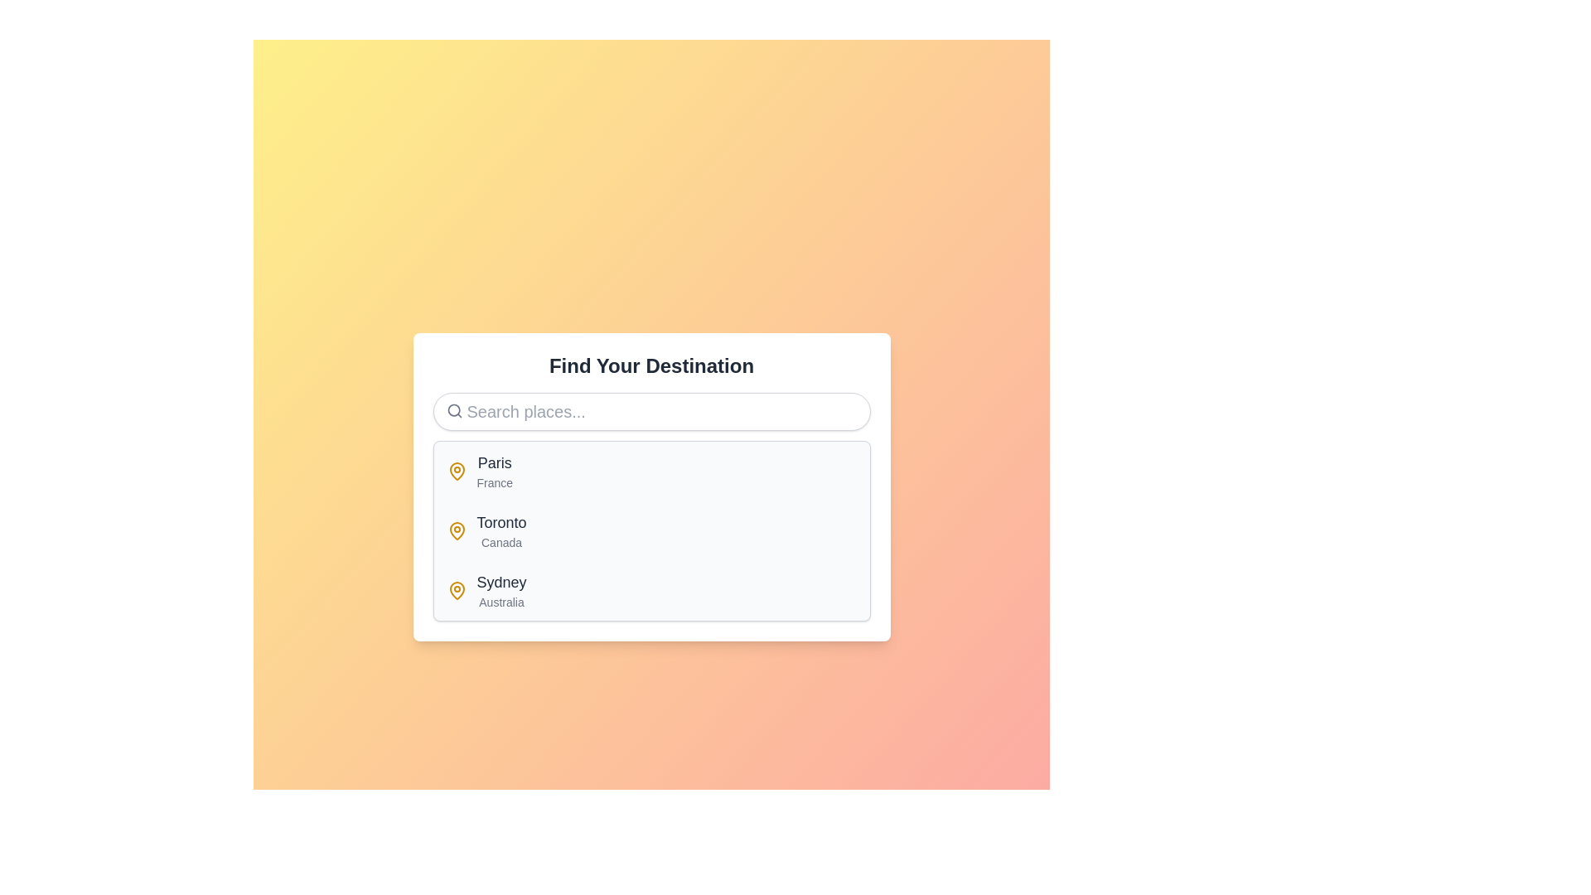 Image resolution: width=1591 pixels, height=895 pixels. I want to click on the text label representing the destination 'Paris', which is the main label at the top-left of the list of destinations, so click(494, 463).